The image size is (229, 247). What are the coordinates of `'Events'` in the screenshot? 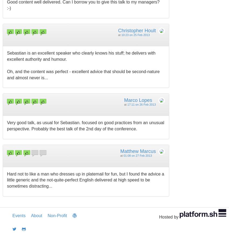 It's located at (19, 216).